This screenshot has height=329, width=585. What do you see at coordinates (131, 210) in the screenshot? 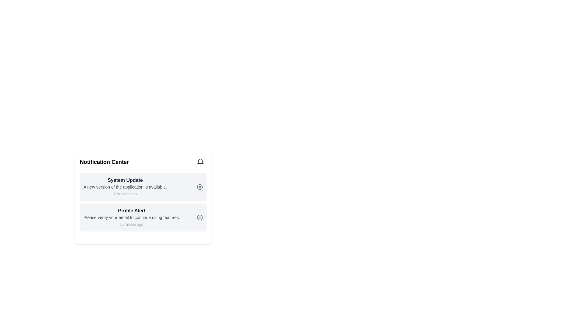
I see `title text label of the notification card, which is positioned at the top-left corner of the card and summarizes the notification's purpose` at bounding box center [131, 210].